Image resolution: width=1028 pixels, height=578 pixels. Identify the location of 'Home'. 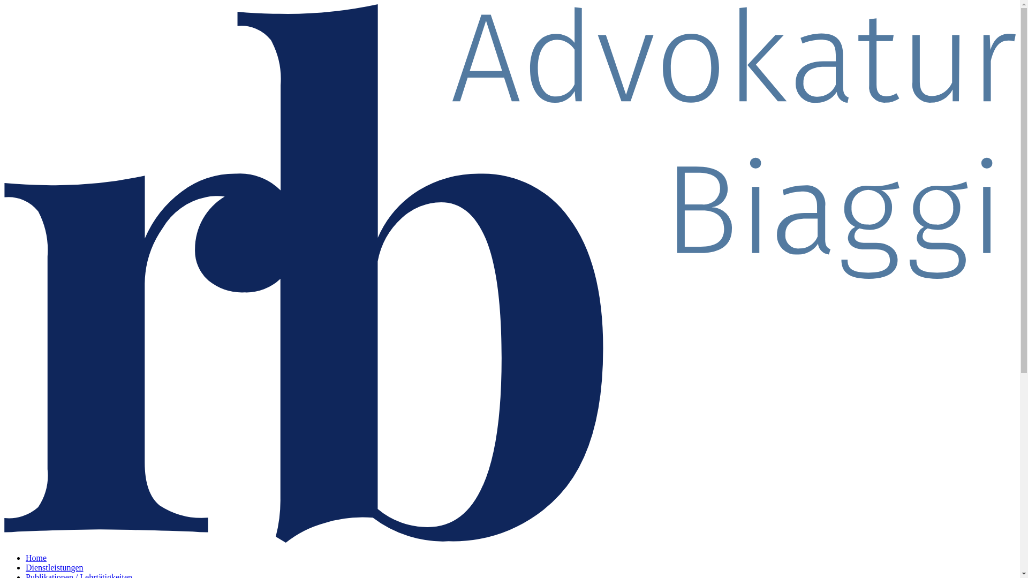
(26, 557).